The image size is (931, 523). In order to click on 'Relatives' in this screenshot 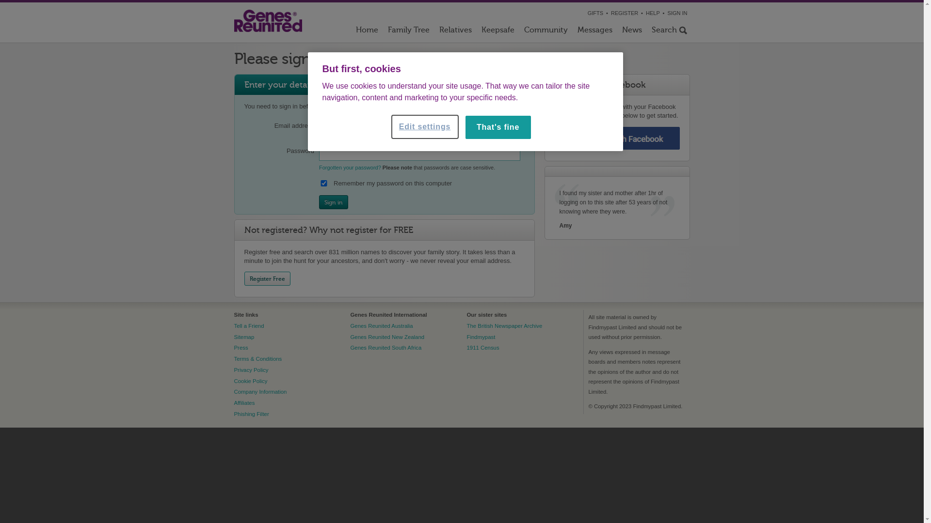, I will do `click(455, 31)`.